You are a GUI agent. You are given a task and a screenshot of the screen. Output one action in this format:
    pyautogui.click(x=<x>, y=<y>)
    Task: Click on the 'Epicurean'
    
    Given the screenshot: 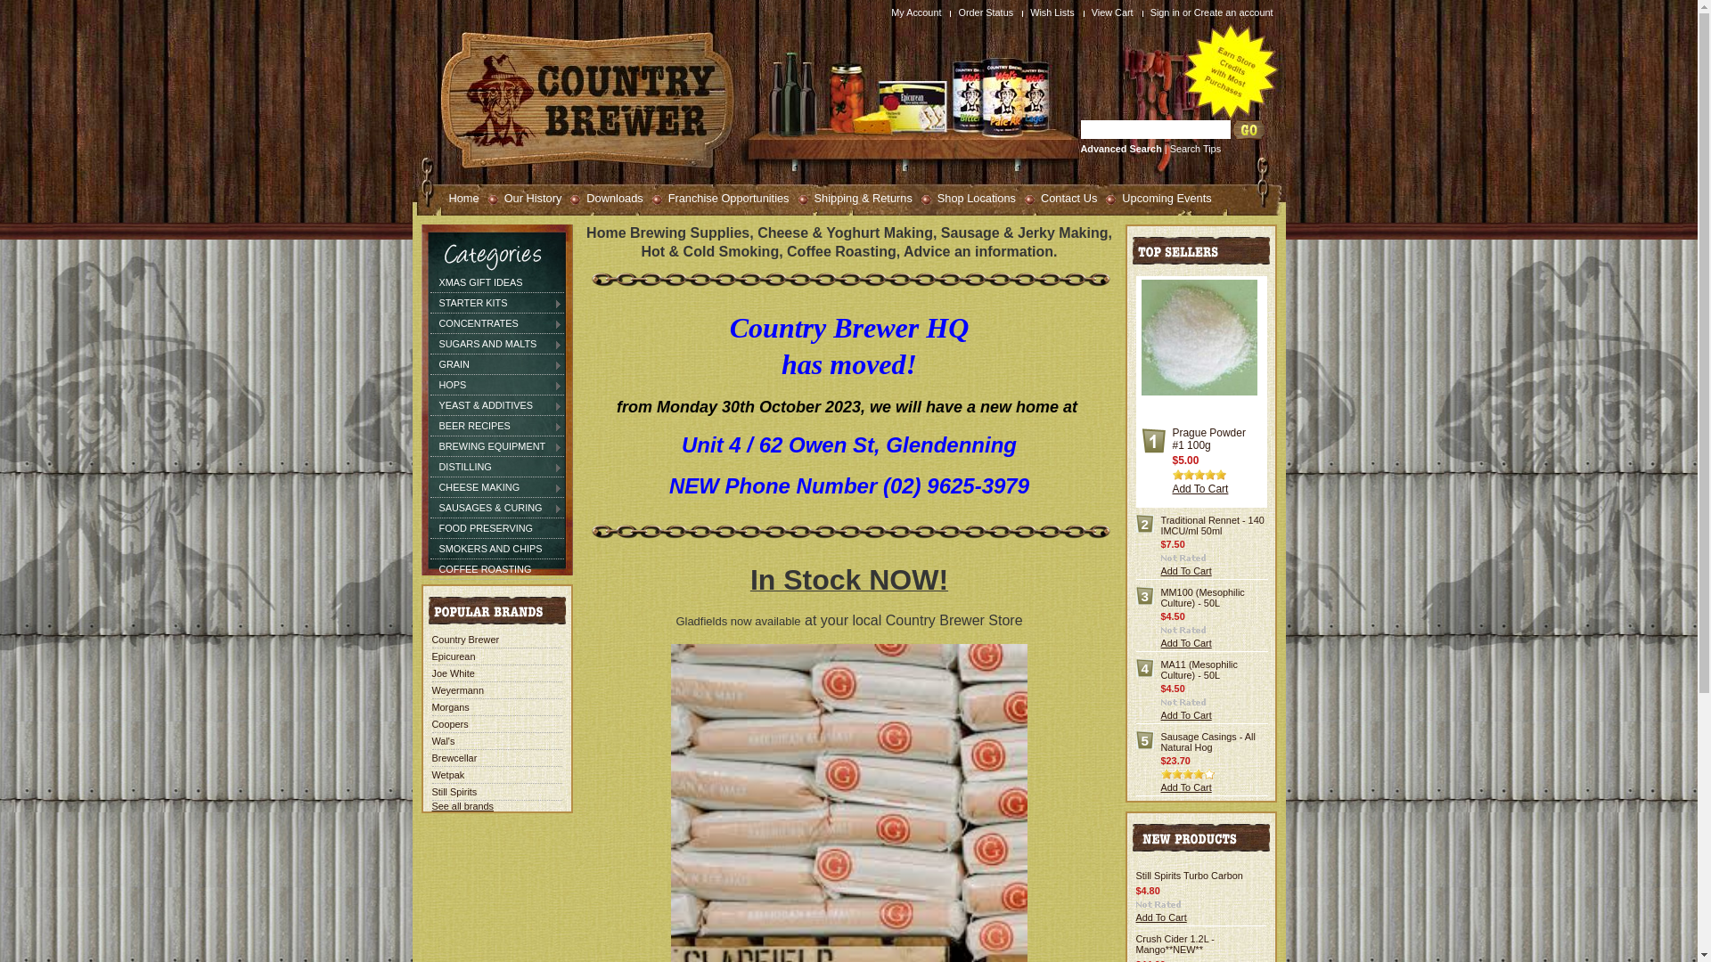 What is the action you would take?
    pyautogui.click(x=453, y=656)
    